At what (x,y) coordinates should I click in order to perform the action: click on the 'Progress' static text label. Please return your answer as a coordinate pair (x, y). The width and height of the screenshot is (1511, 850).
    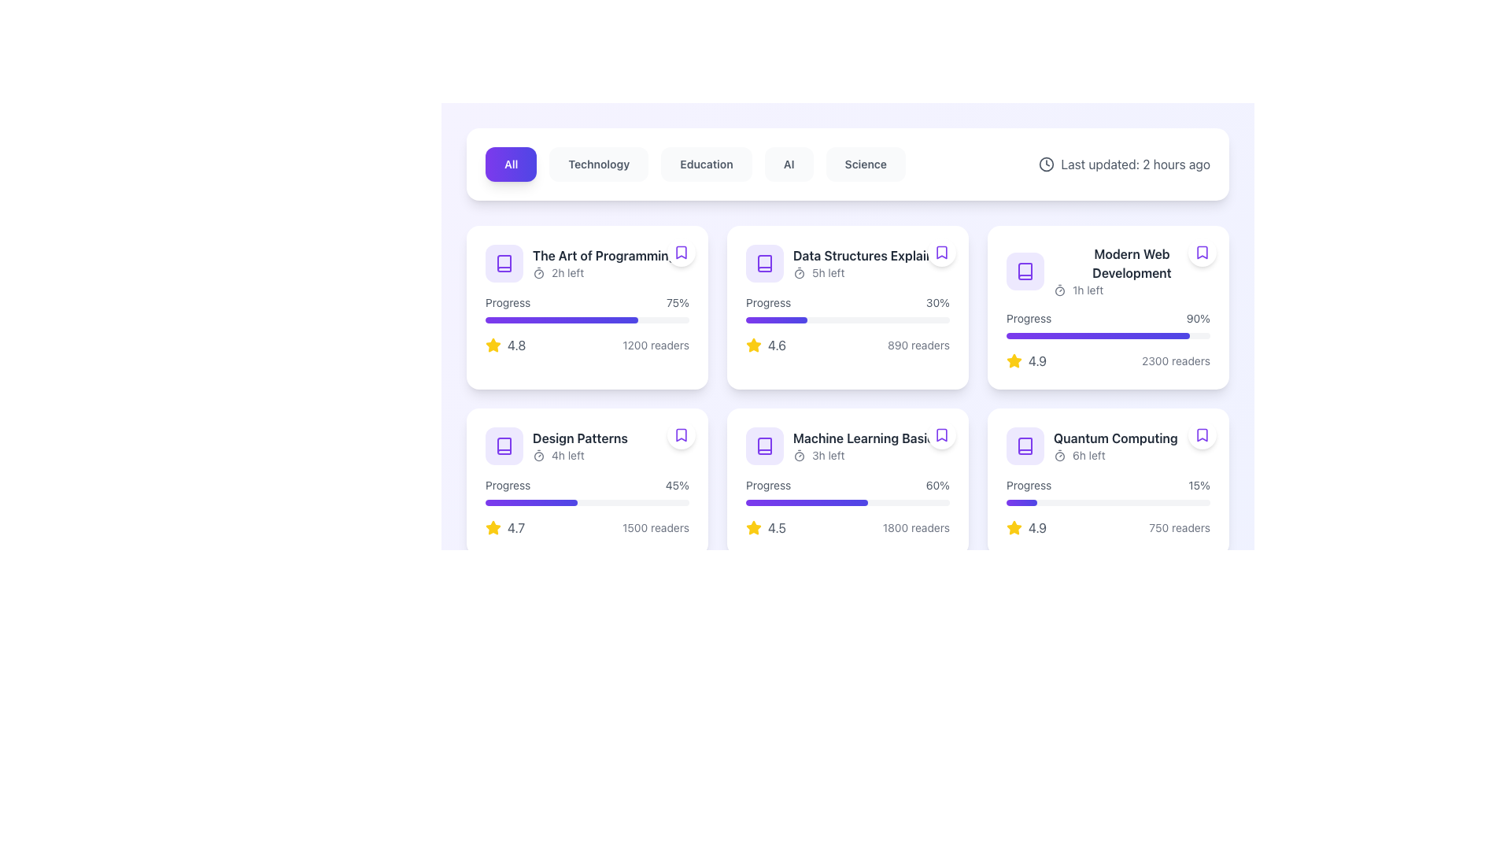
    Looking at the image, I should click on (508, 485).